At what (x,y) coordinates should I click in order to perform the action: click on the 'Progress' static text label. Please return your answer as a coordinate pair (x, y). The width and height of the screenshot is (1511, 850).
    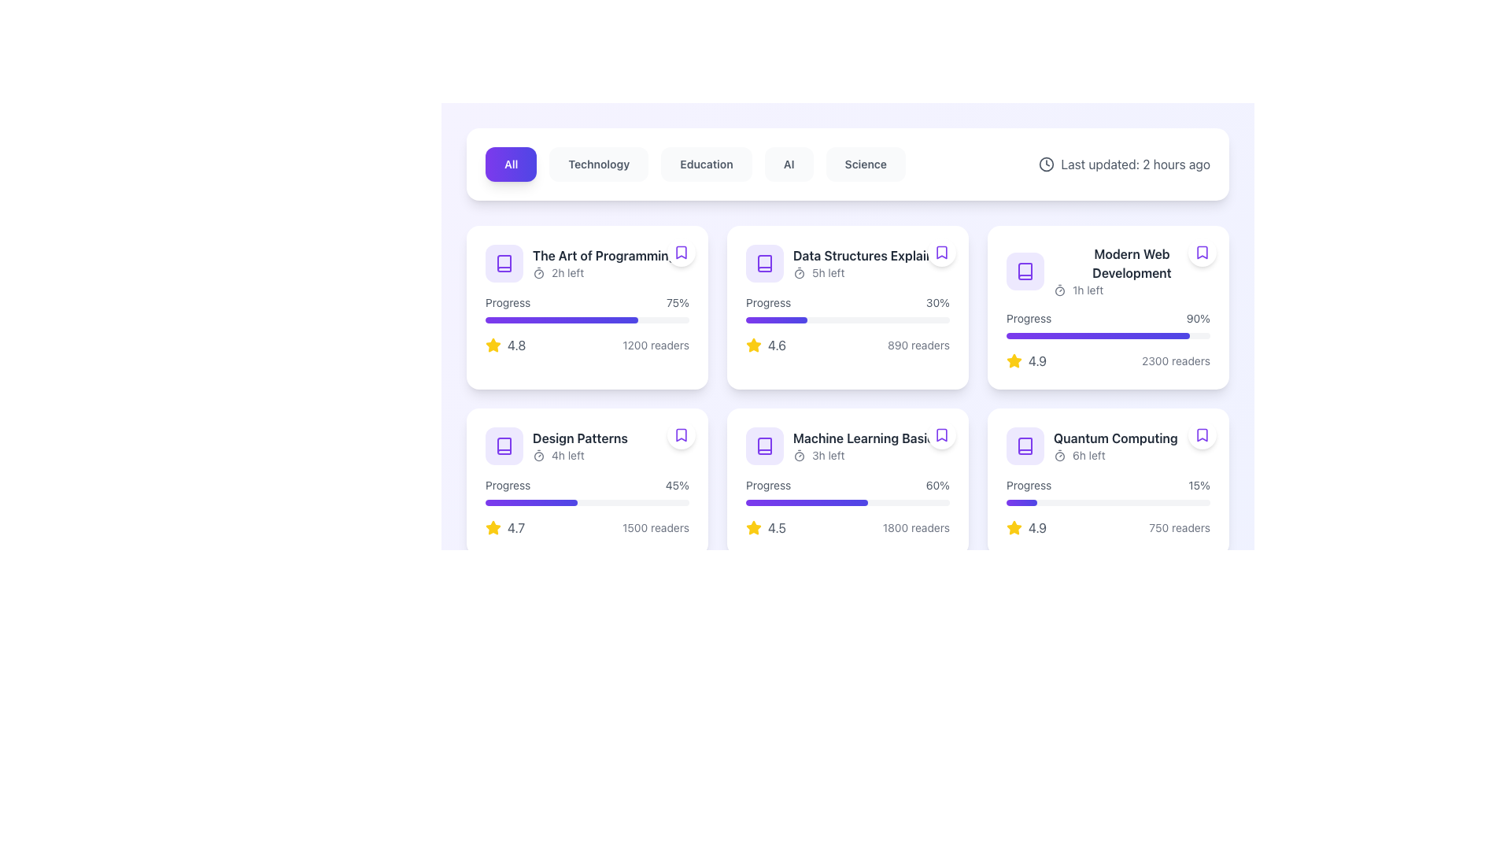
    Looking at the image, I should click on (508, 485).